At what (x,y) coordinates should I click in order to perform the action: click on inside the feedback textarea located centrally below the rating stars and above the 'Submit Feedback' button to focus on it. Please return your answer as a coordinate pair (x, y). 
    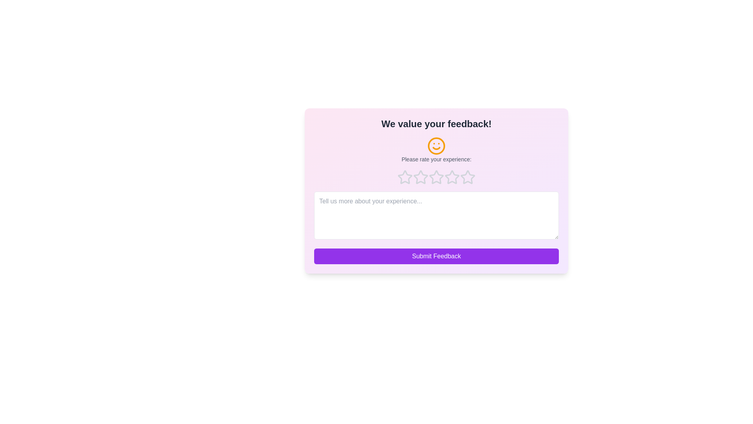
    Looking at the image, I should click on (436, 215).